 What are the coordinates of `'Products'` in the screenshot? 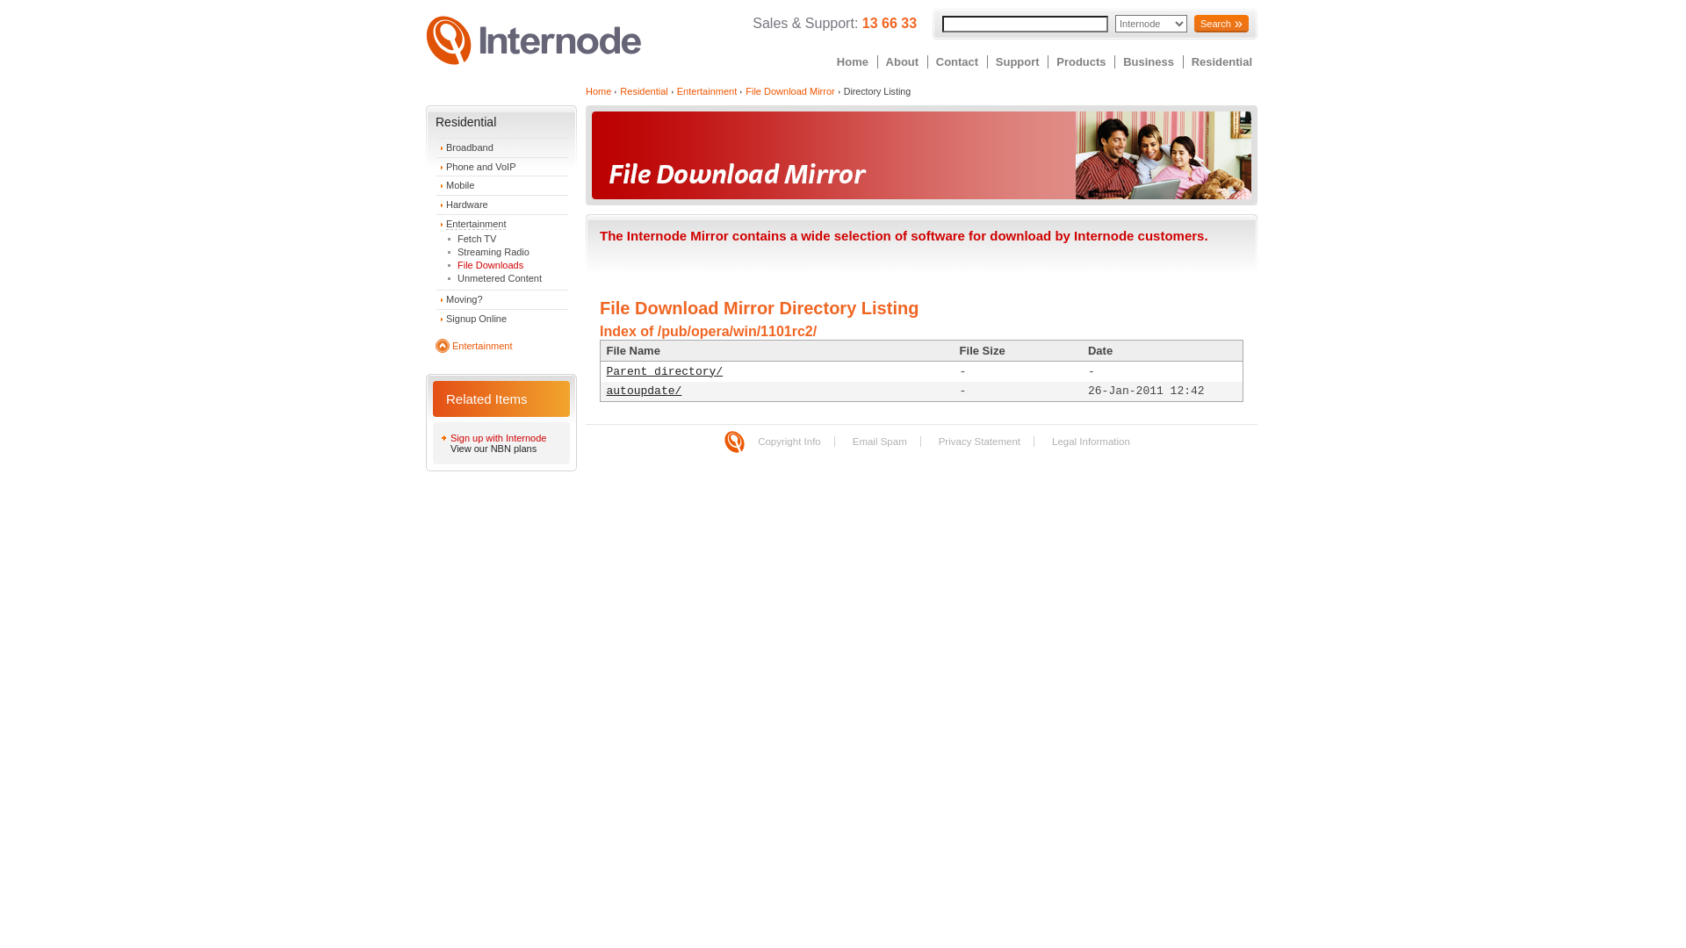 It's located at (1079, 61).